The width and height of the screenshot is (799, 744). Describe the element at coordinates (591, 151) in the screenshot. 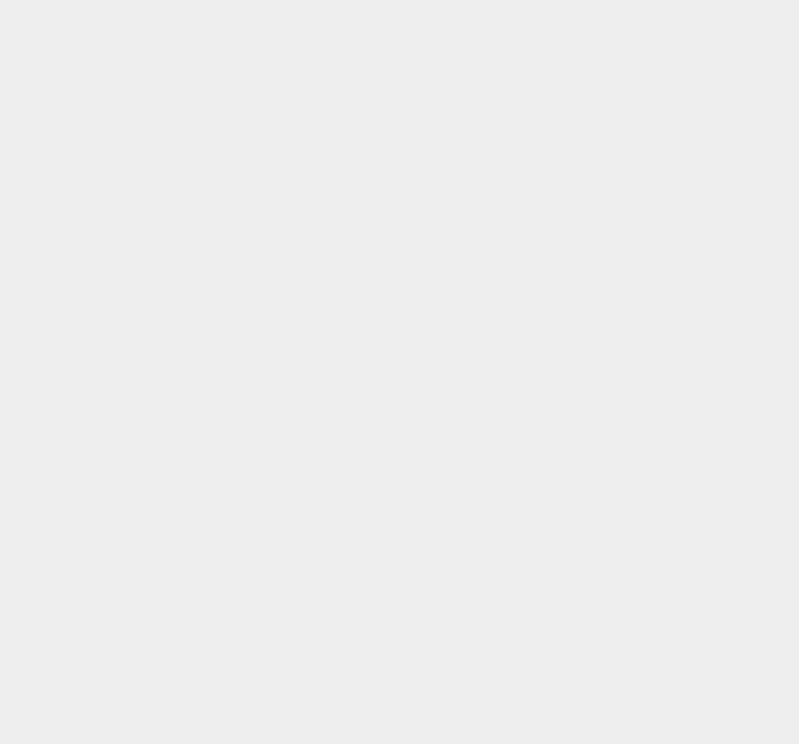

I see `'GreenPois0n'` at that location.